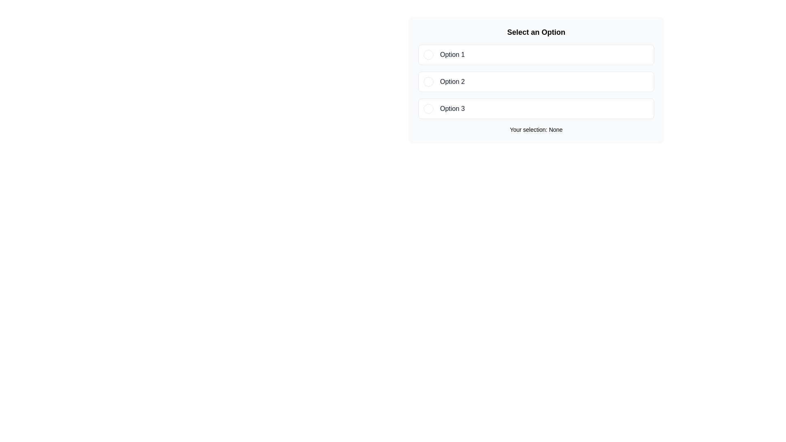 This screenshot has width=786, height=442. Describe the element at coordinates (452, 108) in the screenshot. I see `the descriptive label for the third selectable option in the vertical list of options, located to the right of the circular indicator` at that location.